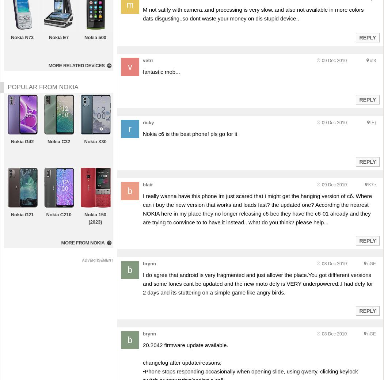 This screenshot has width=384, height=380. I want to click on 'Nokia E7', so click(58, 37).